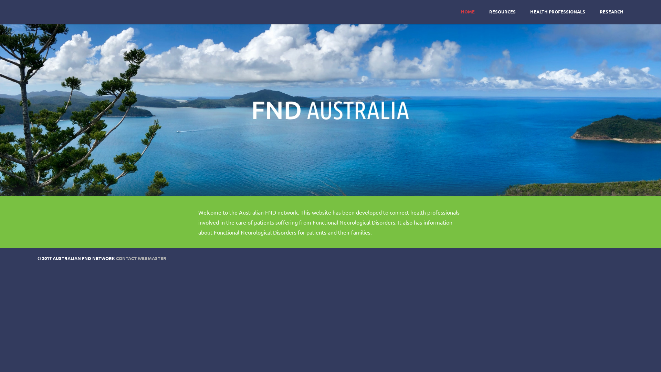 The height and width of the screenshot is (372, 661). I want to click on 'CONTACT WEBMASTER', so click(140, 258).